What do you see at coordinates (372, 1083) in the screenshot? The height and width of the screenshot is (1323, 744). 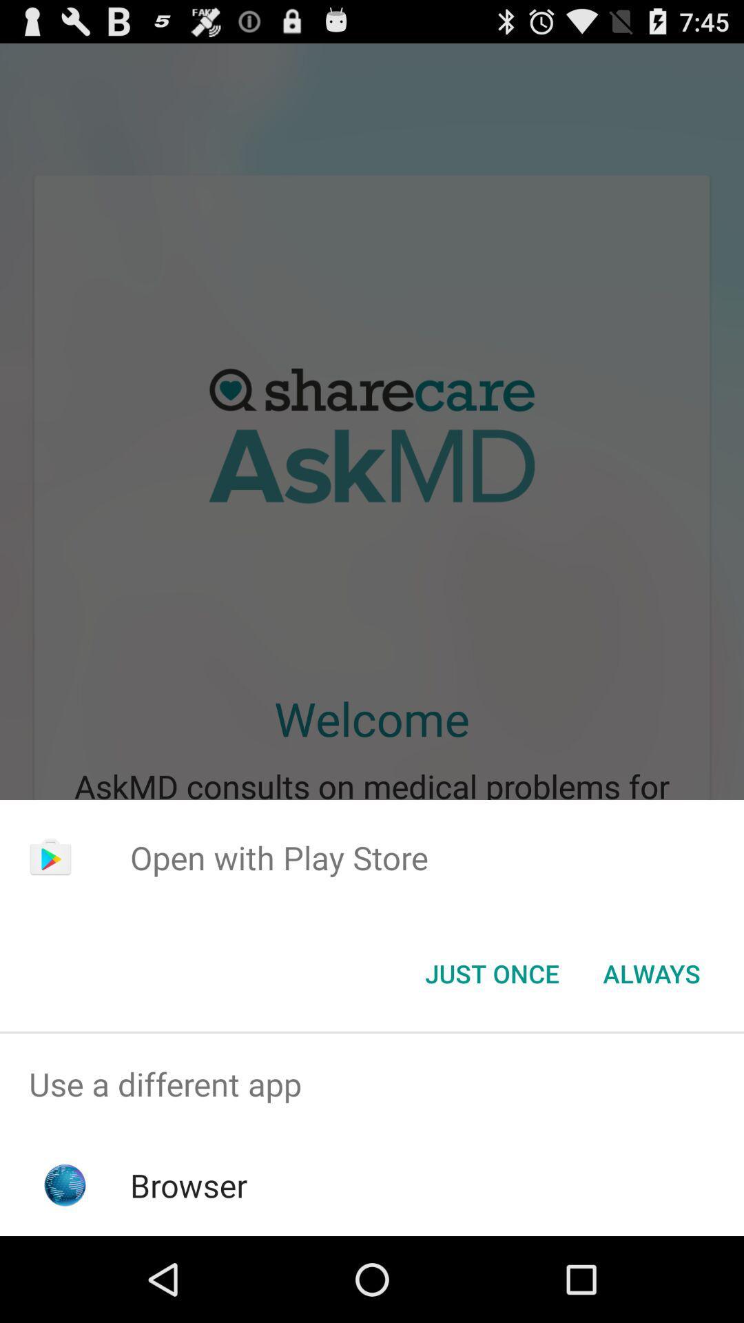 I see `the icon above the browser icon` at bounding box center [372, 1083].